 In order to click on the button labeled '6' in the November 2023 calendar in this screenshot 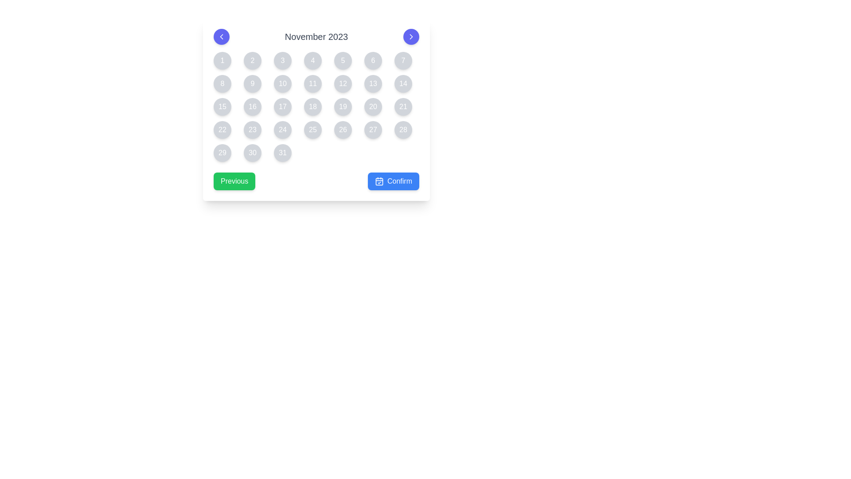, I will do `click(373, 60)`.